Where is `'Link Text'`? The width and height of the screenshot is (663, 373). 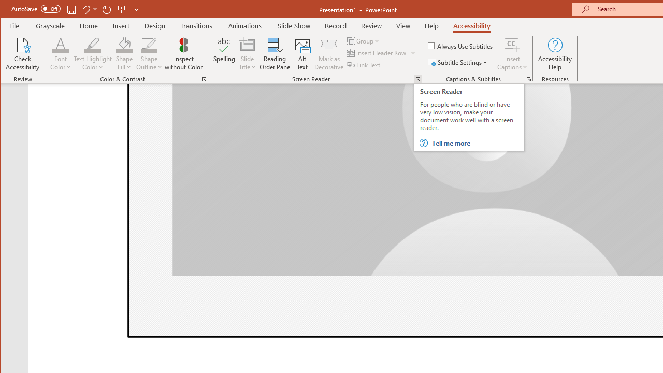
'Link Text' is located at coordinates (364, 65).